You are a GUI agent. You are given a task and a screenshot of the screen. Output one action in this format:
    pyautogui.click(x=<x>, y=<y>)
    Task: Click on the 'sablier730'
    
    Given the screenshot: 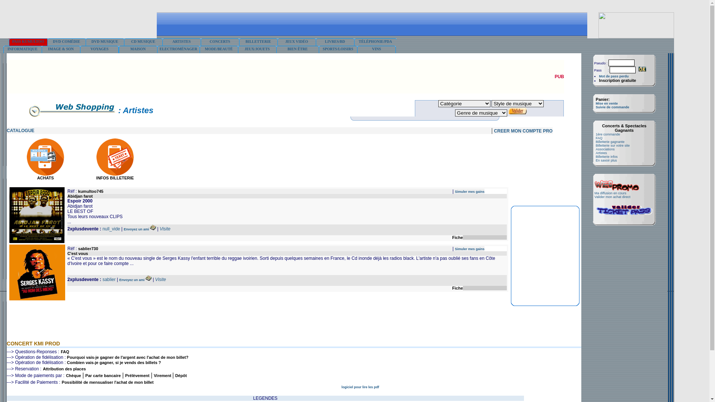 What is the action you would take?
    pyautogui.click(x=88, y=248)
    